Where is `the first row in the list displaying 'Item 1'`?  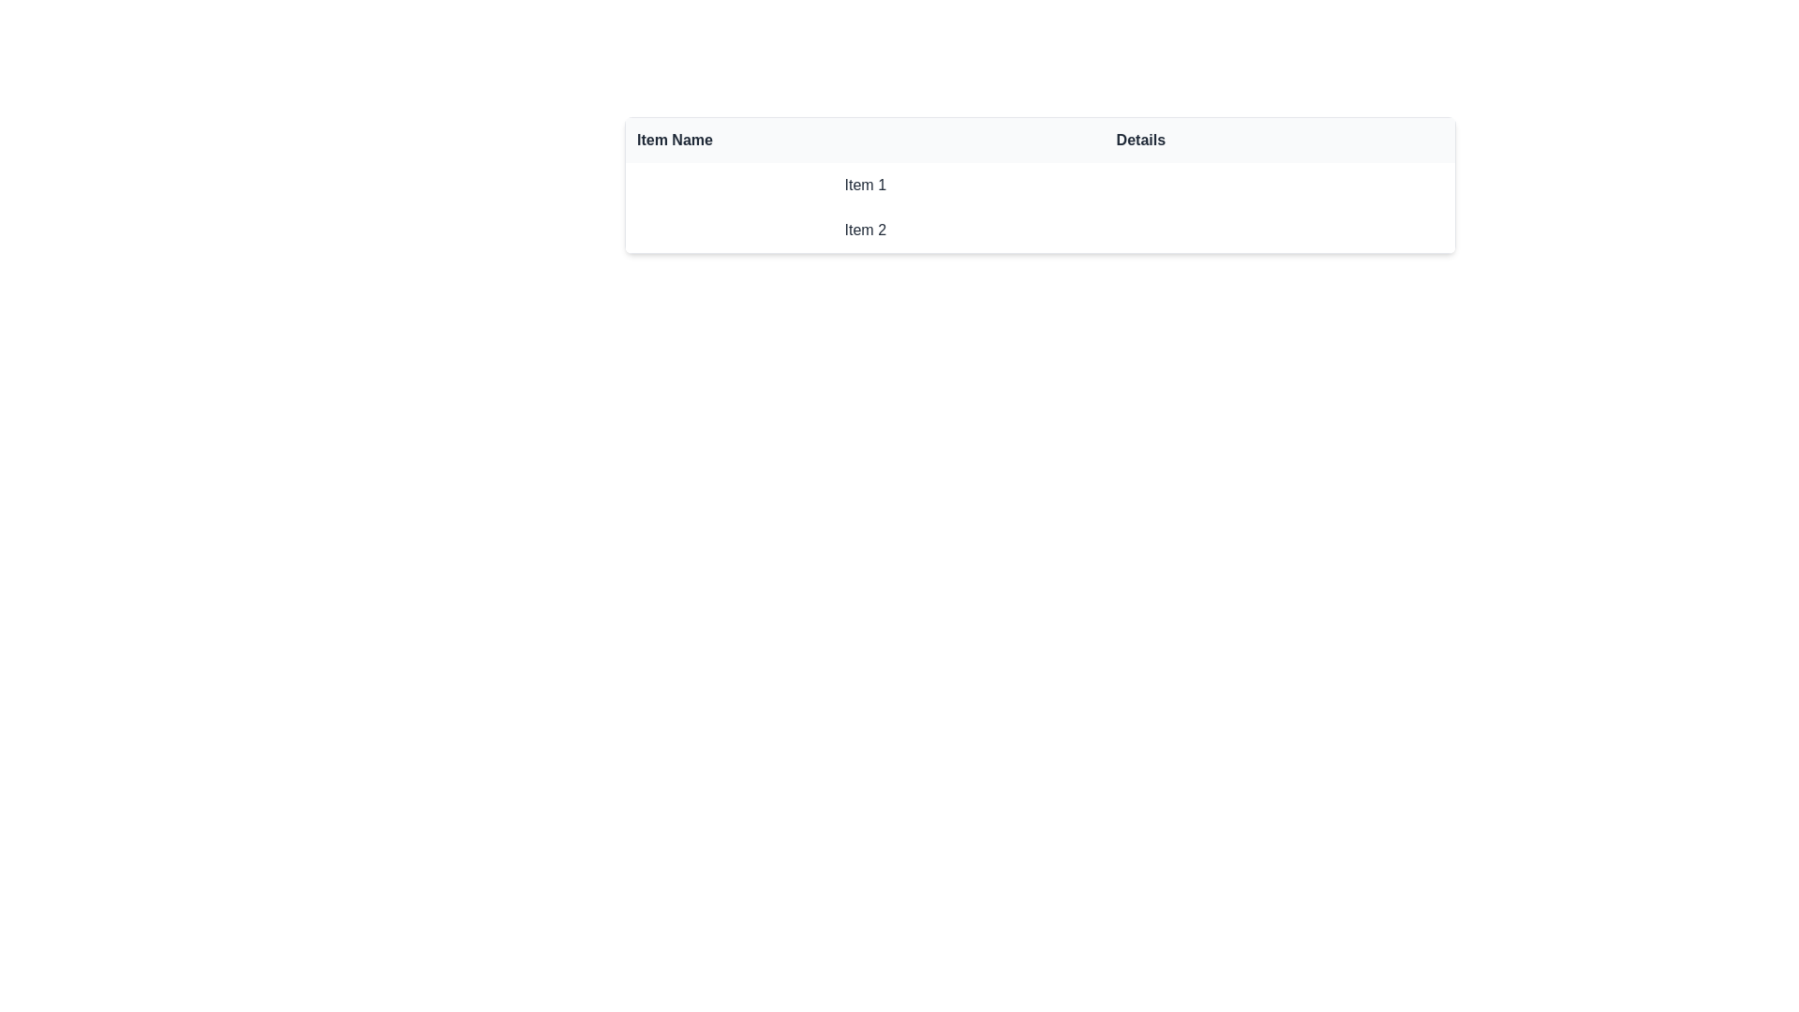 the first row in the list displaying 'Item 1' is located at coordinates (1039, 185).